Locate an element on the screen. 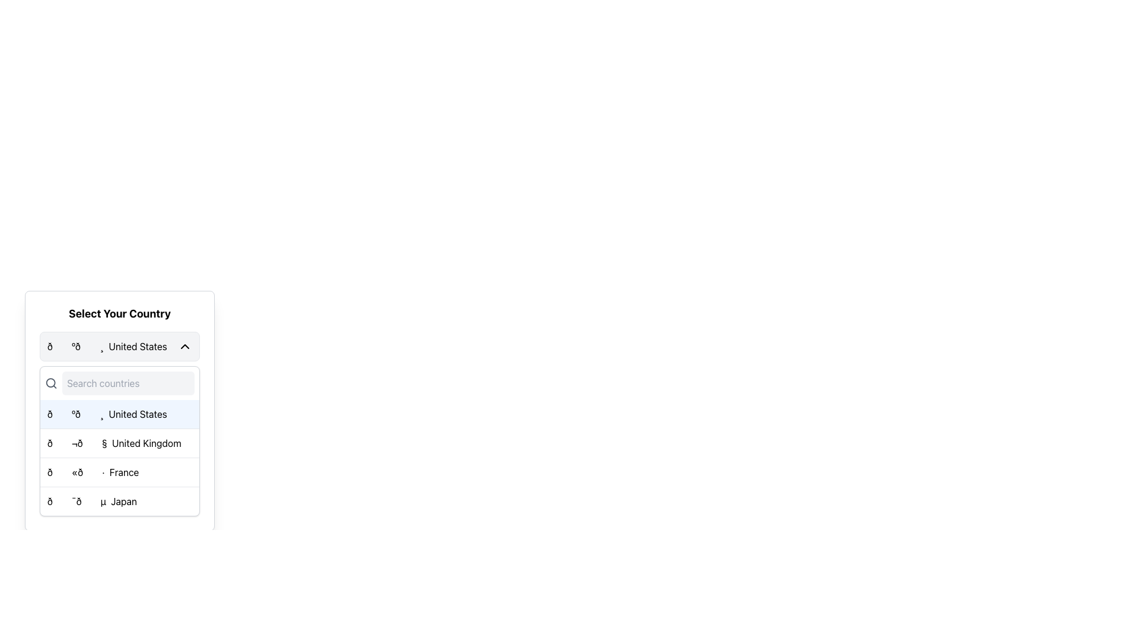  the label indicating the currently selected country, which displays 'United States' as part of a dropdown menu is located at coordinates (138, 346).